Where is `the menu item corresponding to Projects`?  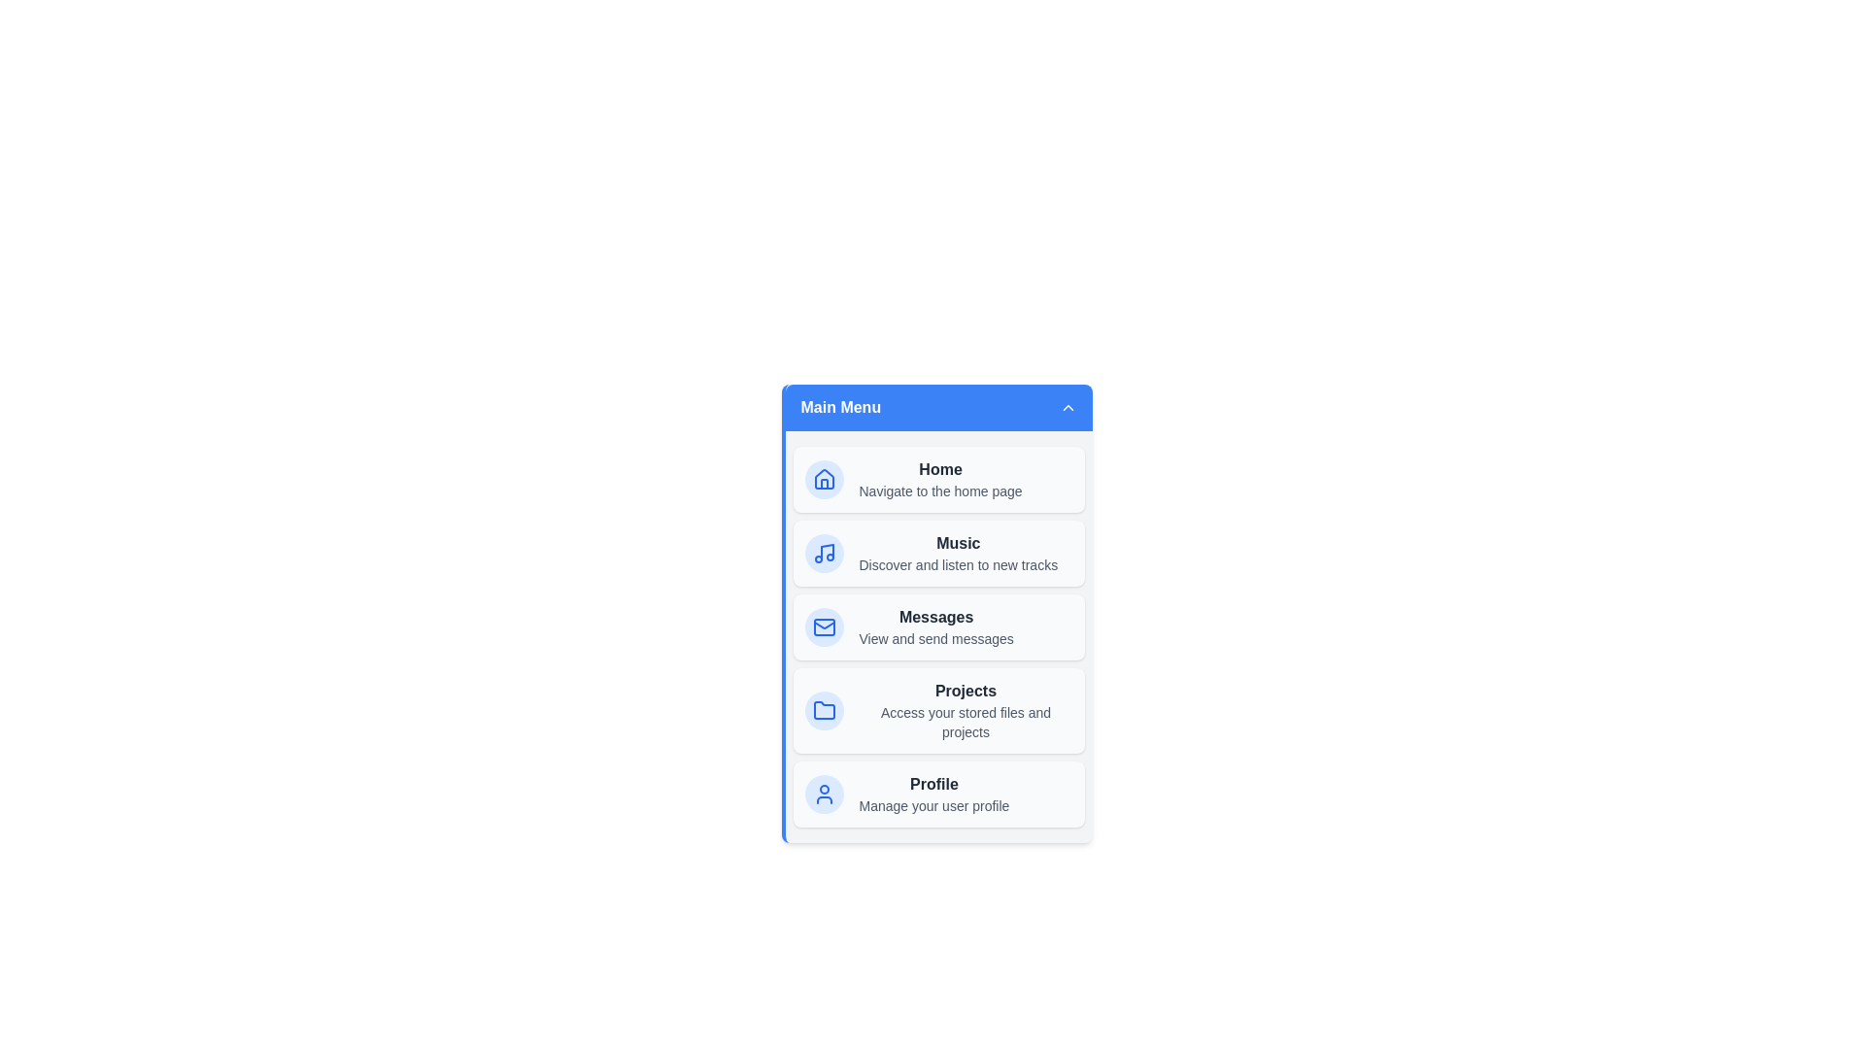
the menu item corresponding to Projects is located at coordinates (938, 711).